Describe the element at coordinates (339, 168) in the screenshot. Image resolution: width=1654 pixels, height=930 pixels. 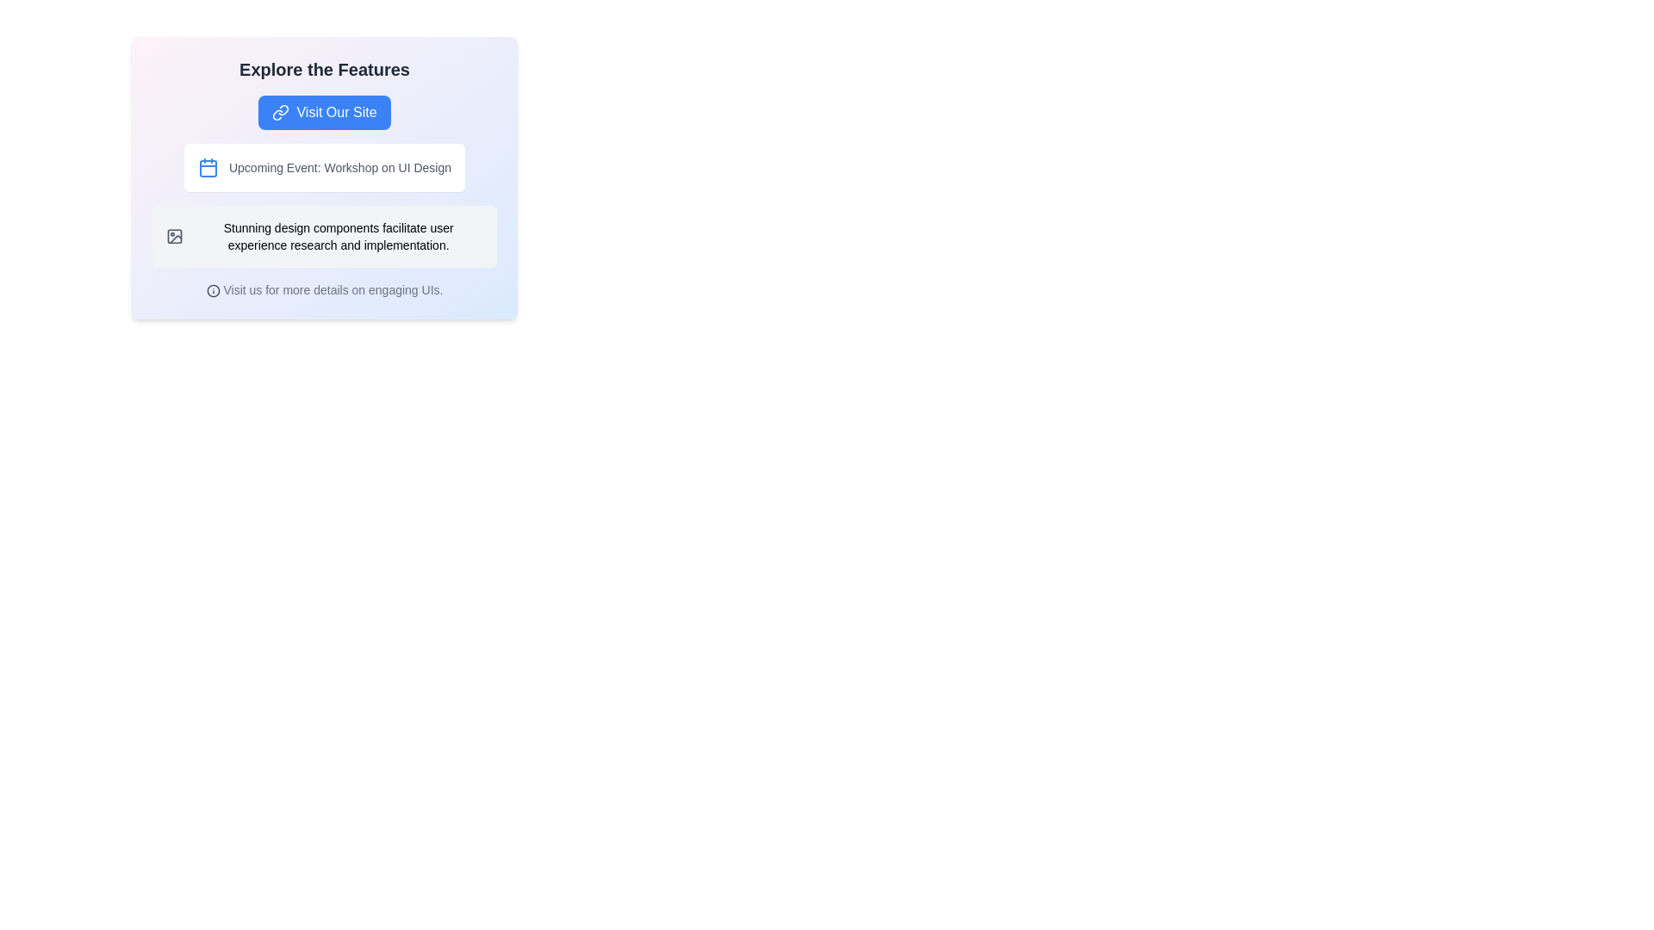
I see `the informational text label reading 'Upcoming Event: Workshop on UI Design', which is styled in a small gray font and is non-interactive` at that location.